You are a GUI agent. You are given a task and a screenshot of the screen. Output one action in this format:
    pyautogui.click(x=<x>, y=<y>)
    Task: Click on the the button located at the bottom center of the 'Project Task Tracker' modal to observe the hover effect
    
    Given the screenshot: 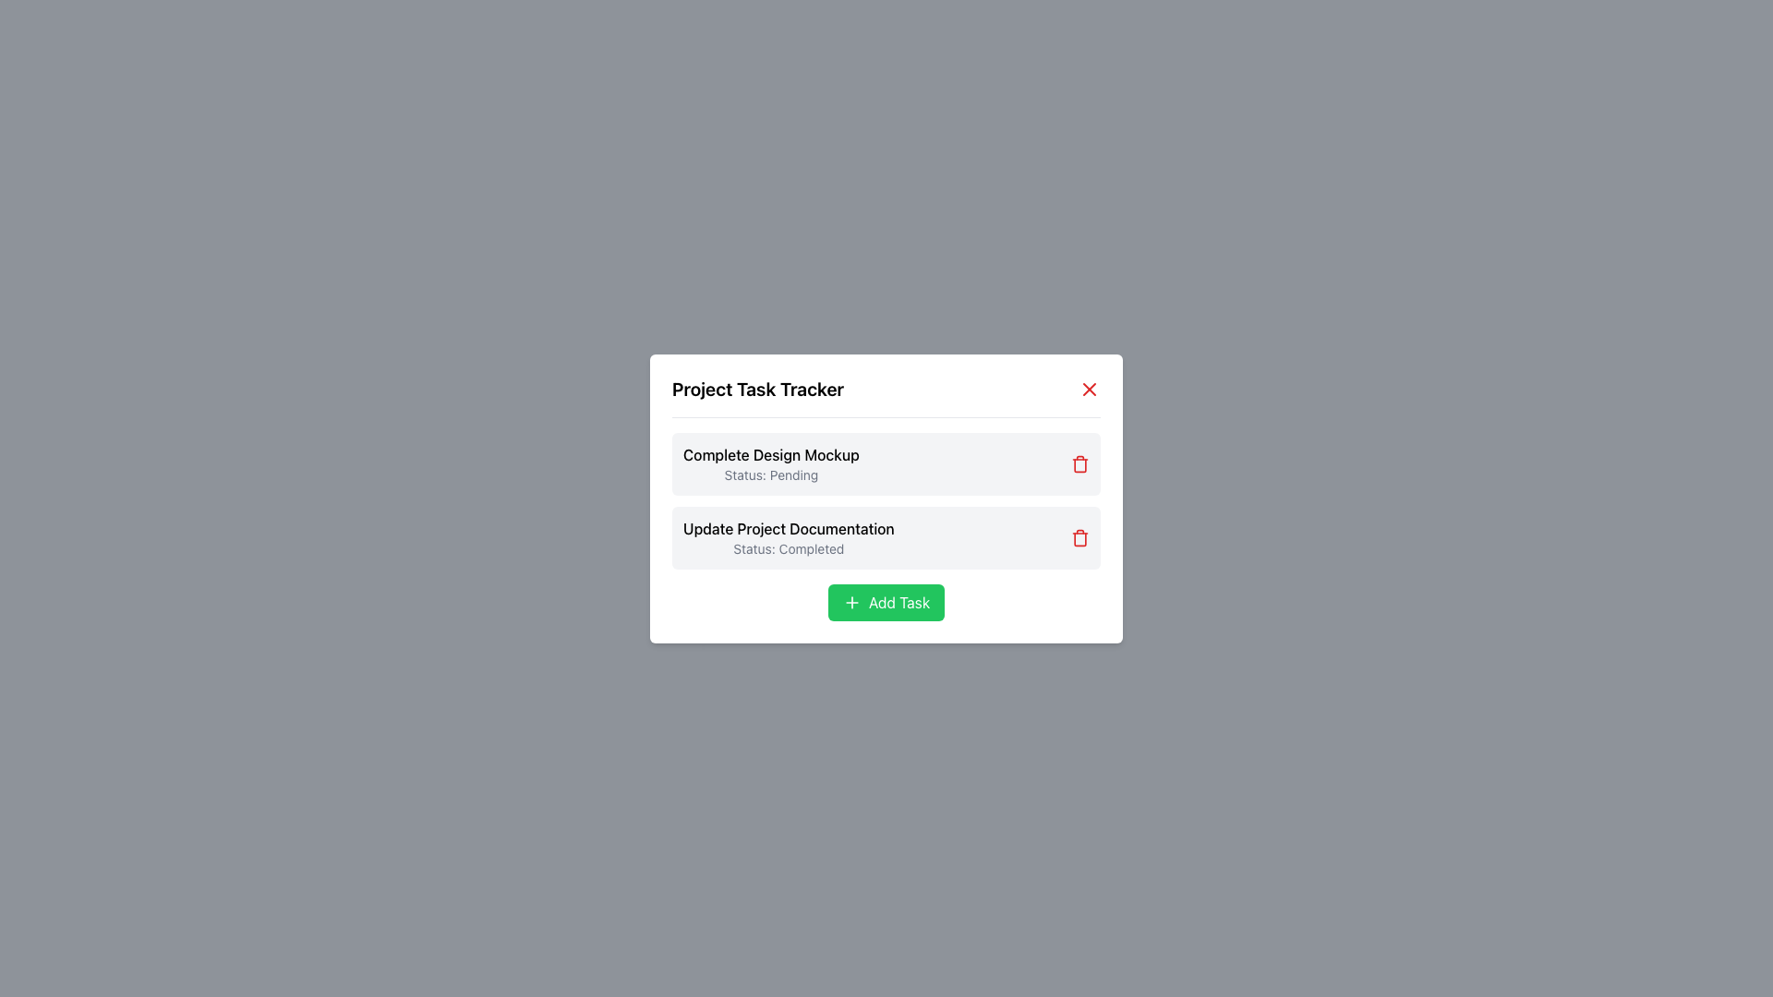 What is the action you would take?
    pyautogui.click(x=886, y=602)
    